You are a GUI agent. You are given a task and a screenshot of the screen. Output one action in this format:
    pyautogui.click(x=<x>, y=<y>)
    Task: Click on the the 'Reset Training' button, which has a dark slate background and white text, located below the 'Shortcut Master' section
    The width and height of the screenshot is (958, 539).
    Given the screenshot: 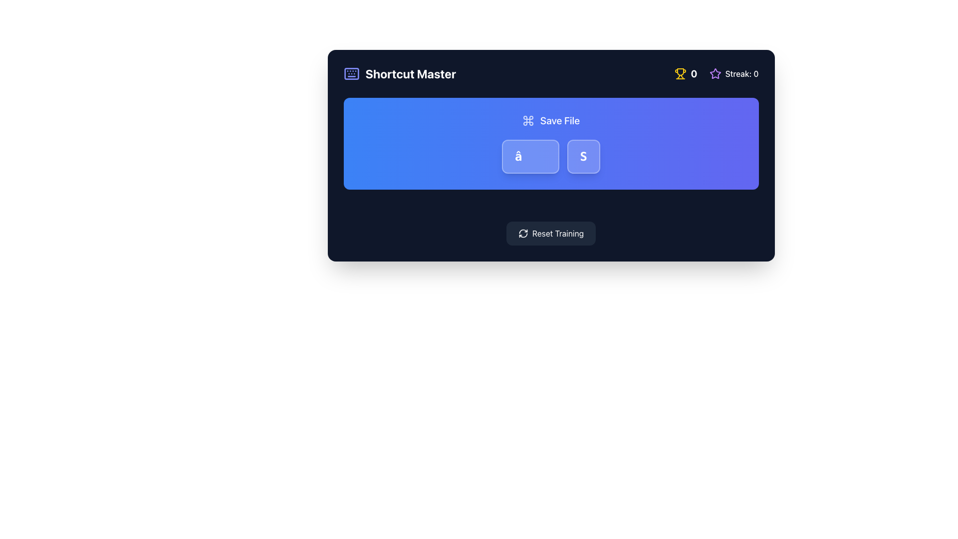 What is the action you would take?
    pyautogui.click(x=550, y=233)
    